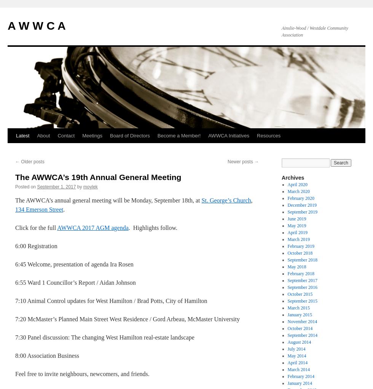  Describe the element at coordinates (108, 200) in the screenshot. I see `'The AWWCA’s annual general meeting will be Monday, September 18th, at'` at that location.